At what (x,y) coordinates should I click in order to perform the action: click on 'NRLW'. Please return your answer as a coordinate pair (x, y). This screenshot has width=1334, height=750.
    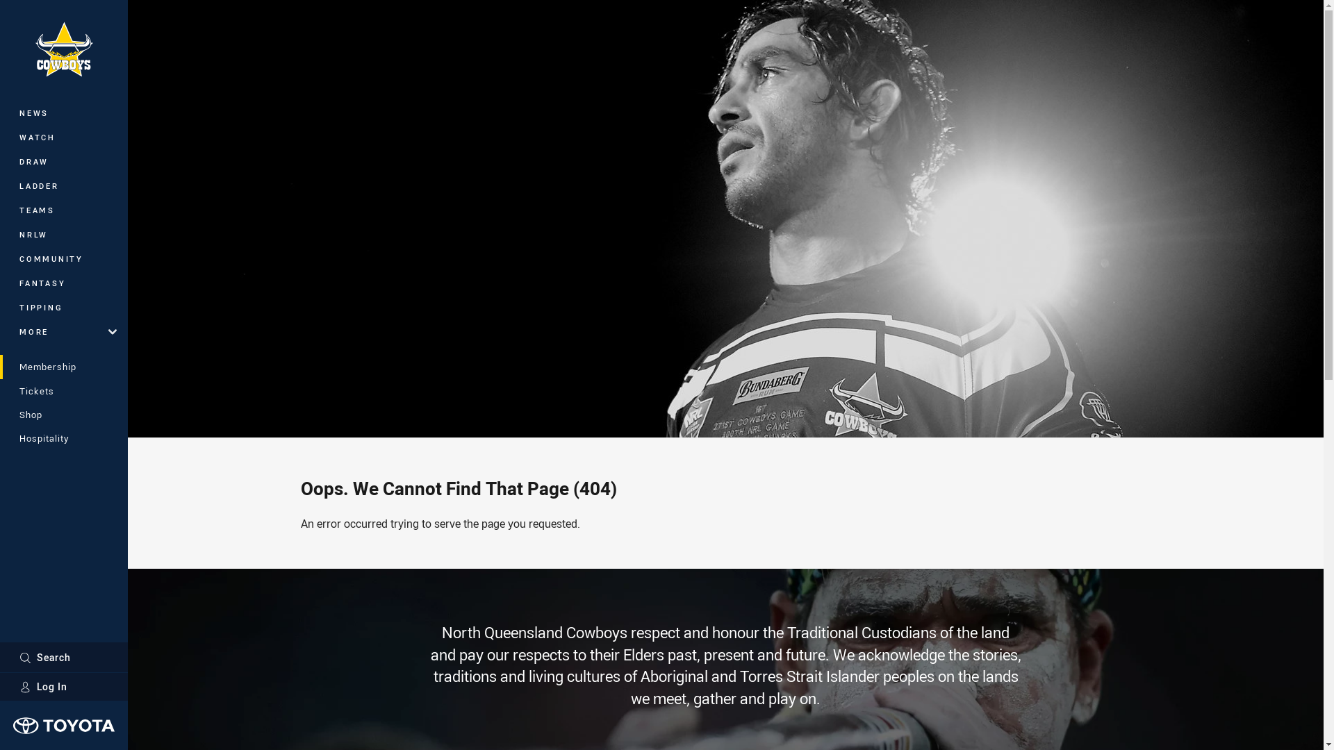
    Looking at the image, I should click on (63, 233).